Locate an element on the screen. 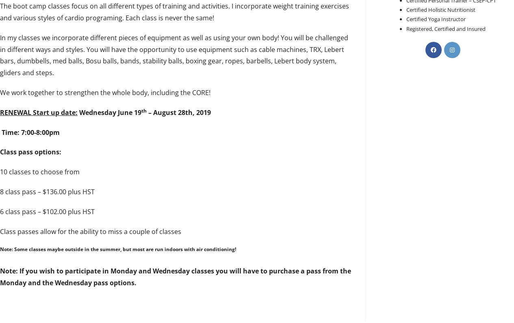  'We work together to strengthen the whole body, including the CORE!' is located at coordinates (104, 91).